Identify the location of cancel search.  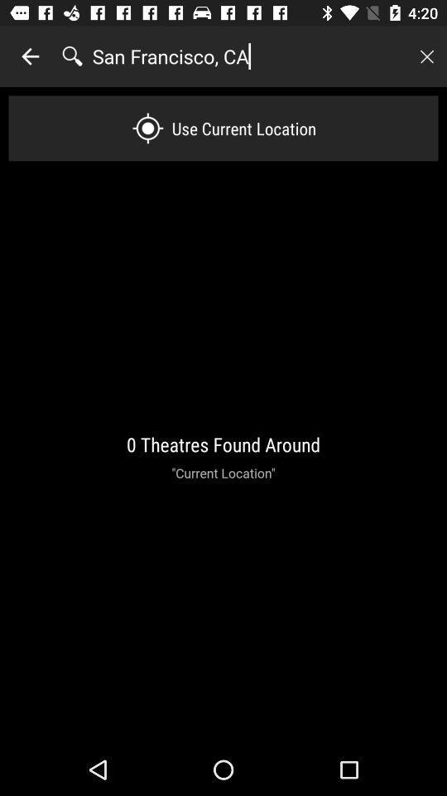
(426, 56).